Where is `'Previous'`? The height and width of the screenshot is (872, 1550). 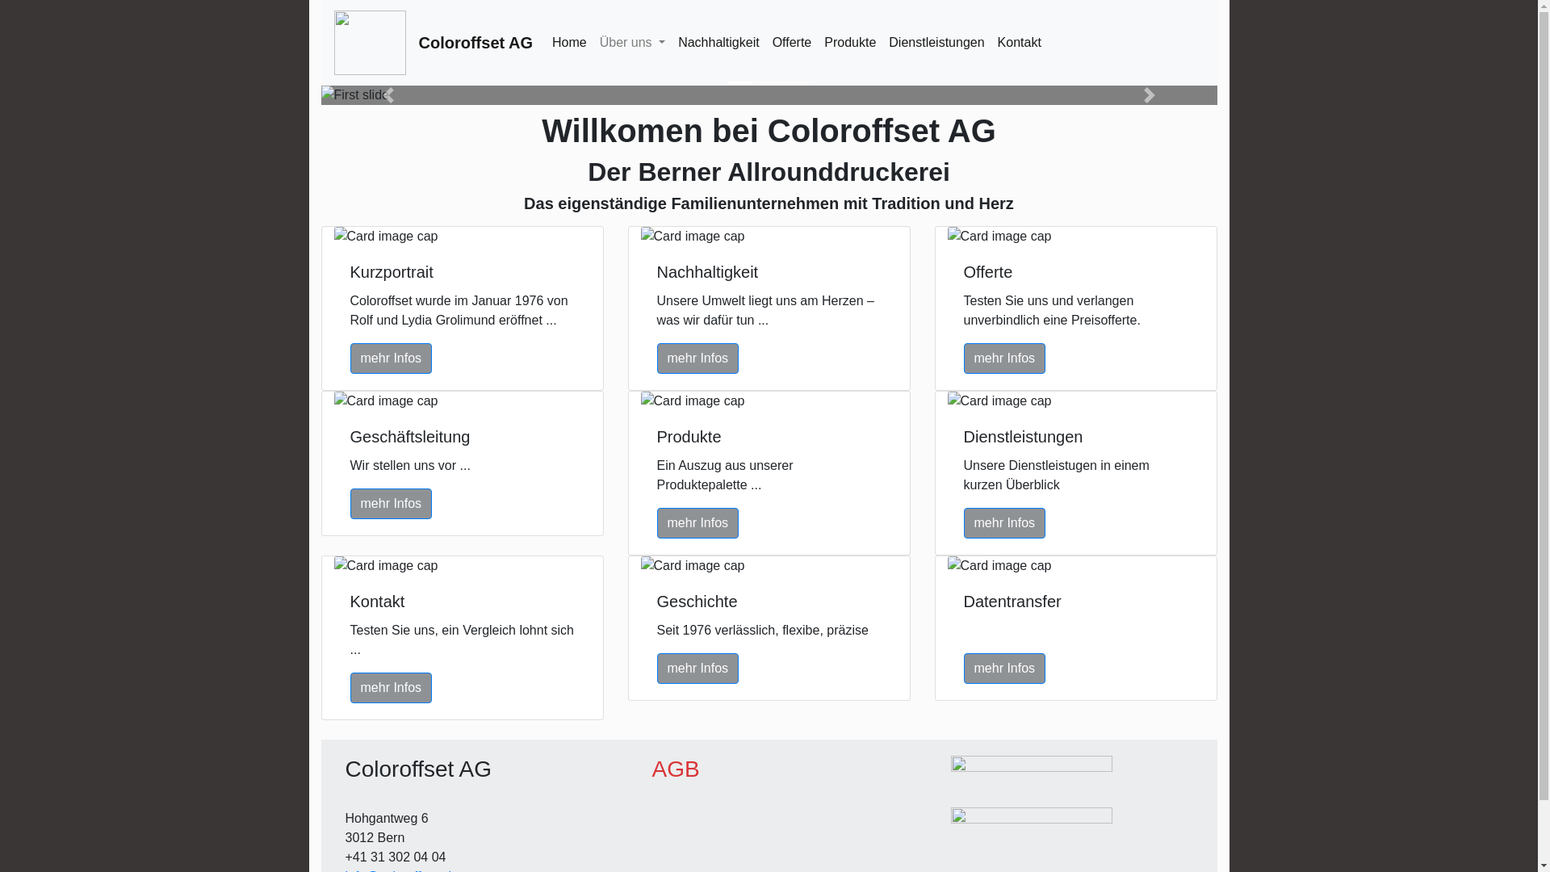 'Previous' is located at coordinates (321, 95).